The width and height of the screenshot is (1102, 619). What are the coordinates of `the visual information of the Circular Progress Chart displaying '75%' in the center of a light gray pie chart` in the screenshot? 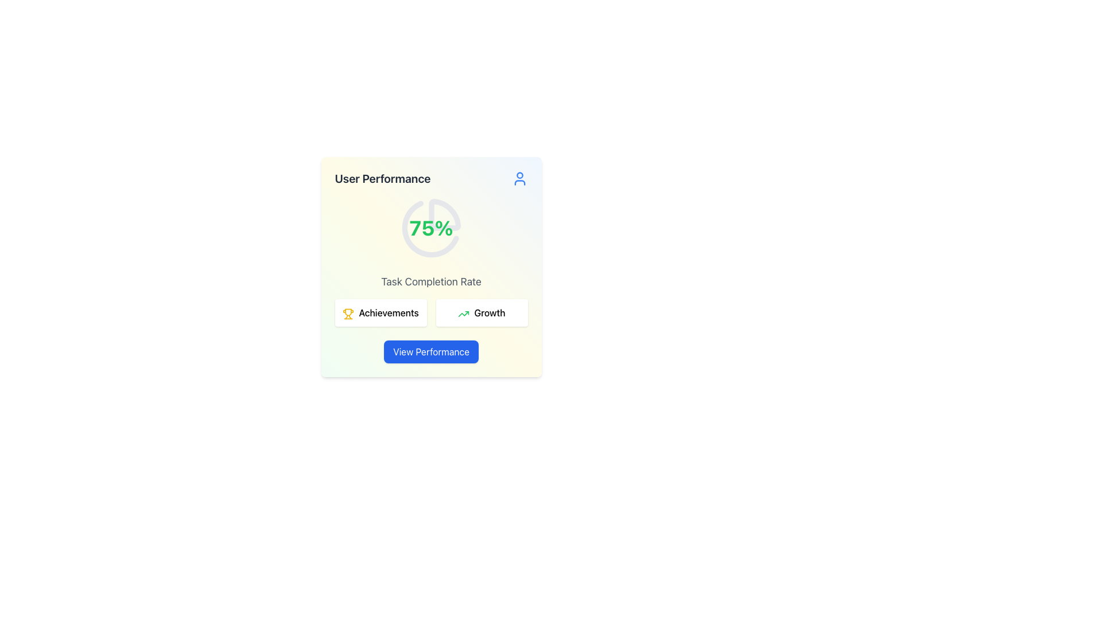 It's located at (430, 228).